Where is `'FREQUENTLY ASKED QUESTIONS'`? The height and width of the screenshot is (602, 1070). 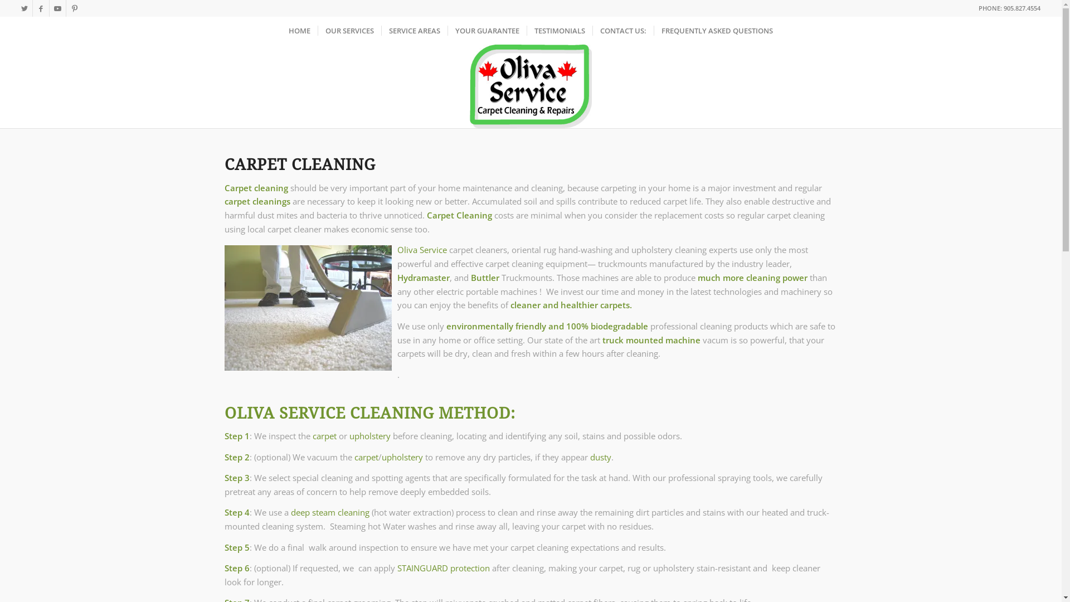 'FREQUENTLY ASKED QUESTIONS' is located at coordinates (717, 30).